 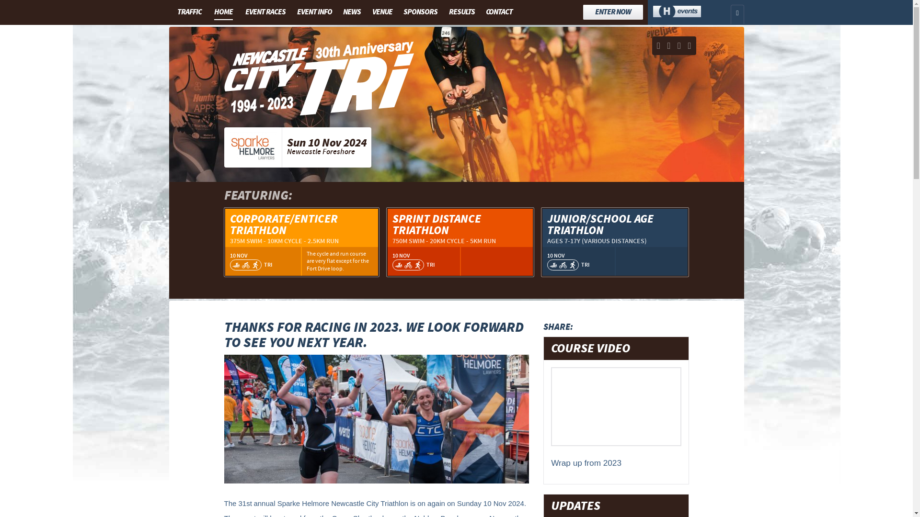 What do you see at coordinates (612, 12) in the screenshot?
I see `'ENTER NOW'` at bounding box center [612, 12].